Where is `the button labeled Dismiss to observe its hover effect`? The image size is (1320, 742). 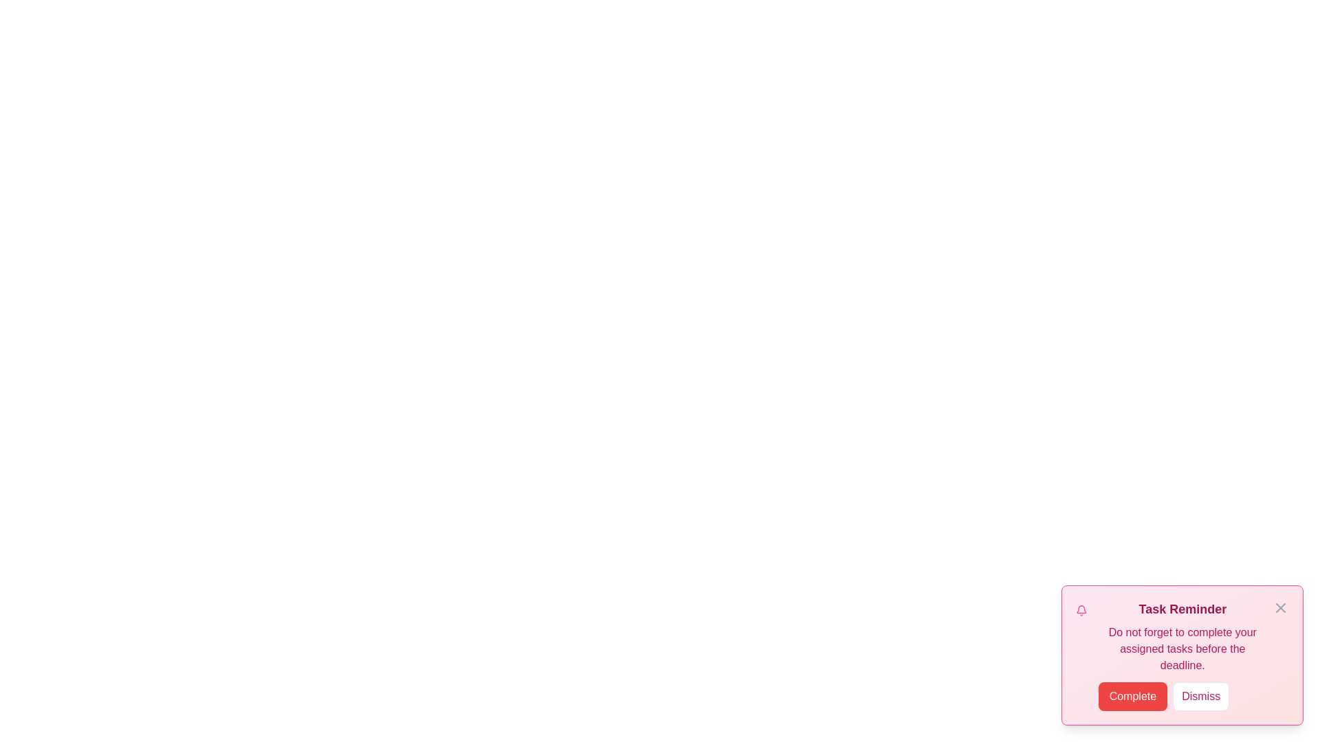 the button labeled Dismiss to observe its hover effect is located at coordinates (1200, 697).